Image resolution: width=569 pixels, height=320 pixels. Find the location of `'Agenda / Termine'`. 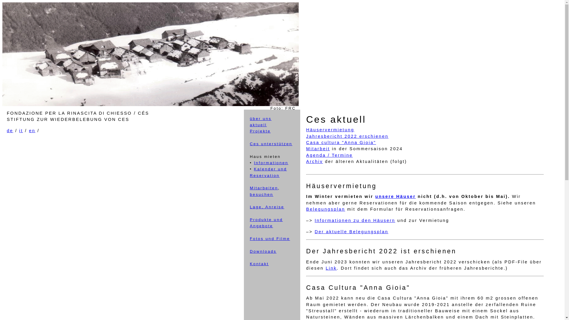

'Agenda / Termine' is located at coordinates (329, 155).